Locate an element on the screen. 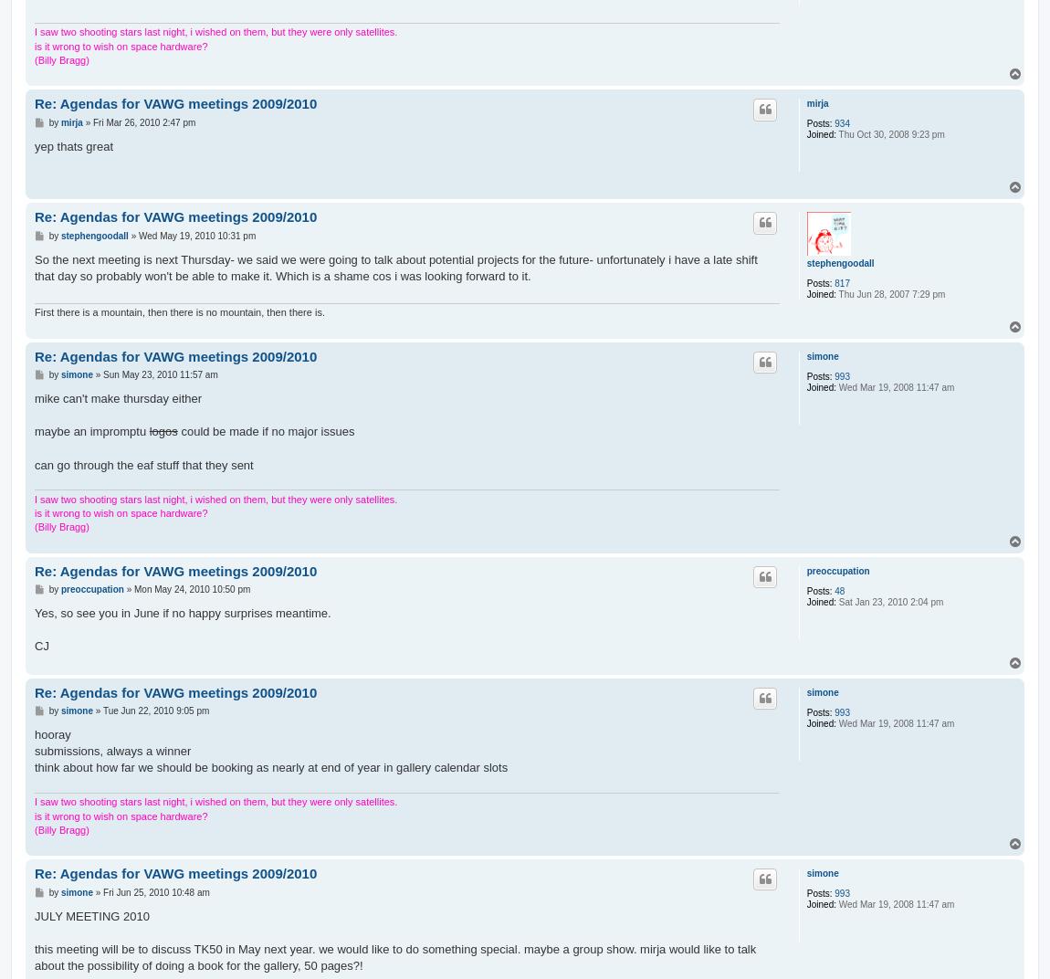  'First there is a mountain, then there is no mountain, then there is.' is located at coordinates (178, 311).